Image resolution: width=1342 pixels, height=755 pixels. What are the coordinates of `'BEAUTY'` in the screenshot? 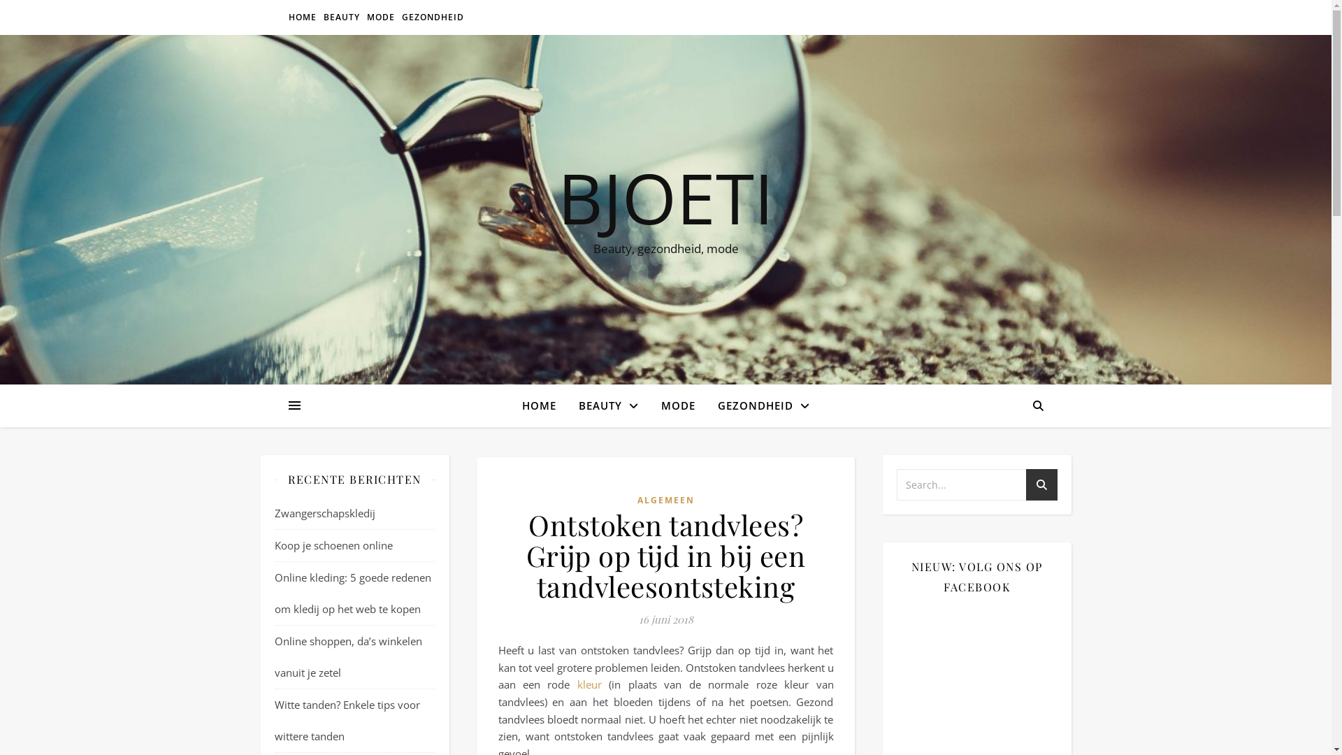 It's located at (319, 17).